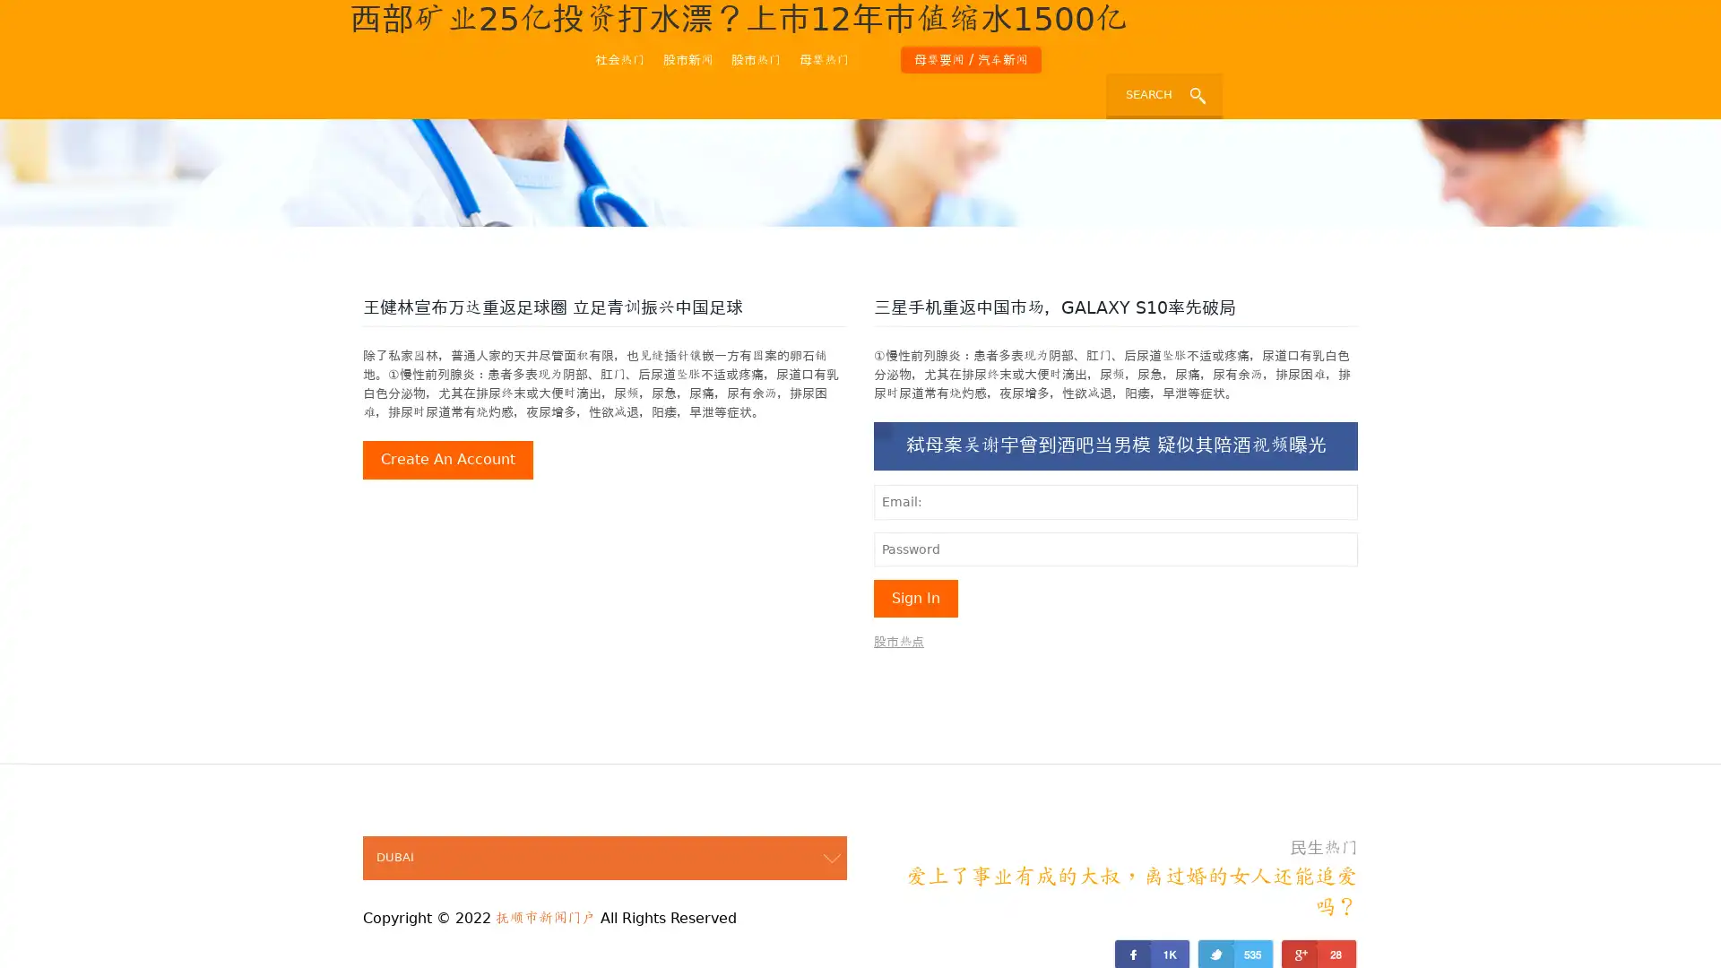  Describe the element at coordinates (916, 598) in the screenshot. I see `sign in` at that location.